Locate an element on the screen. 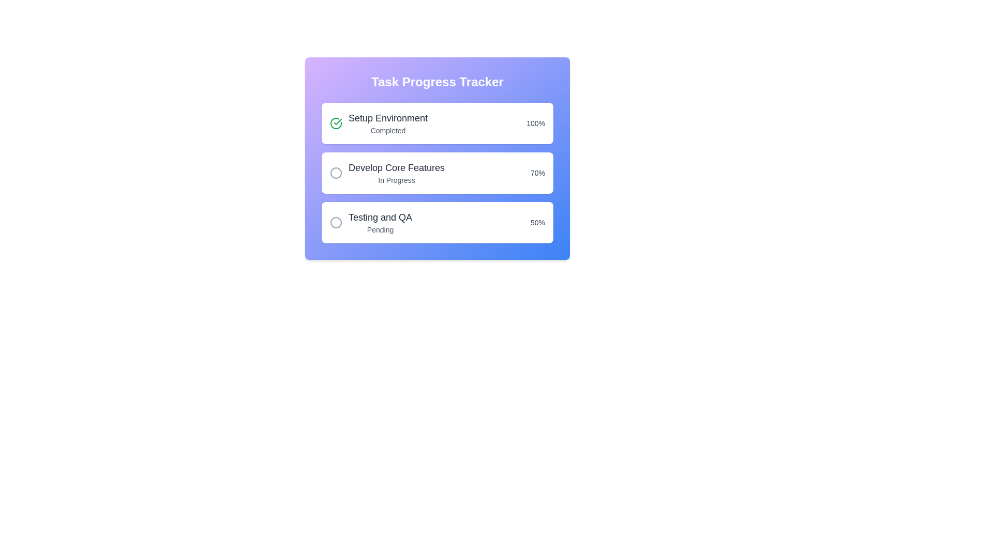 This screenshot has height=558, width=993. the green curved line of the circular checkmark icon located to the left of the 'Setup Environment' text in the topmost task box of the progress tracker component is located at coordinates (336, 123).